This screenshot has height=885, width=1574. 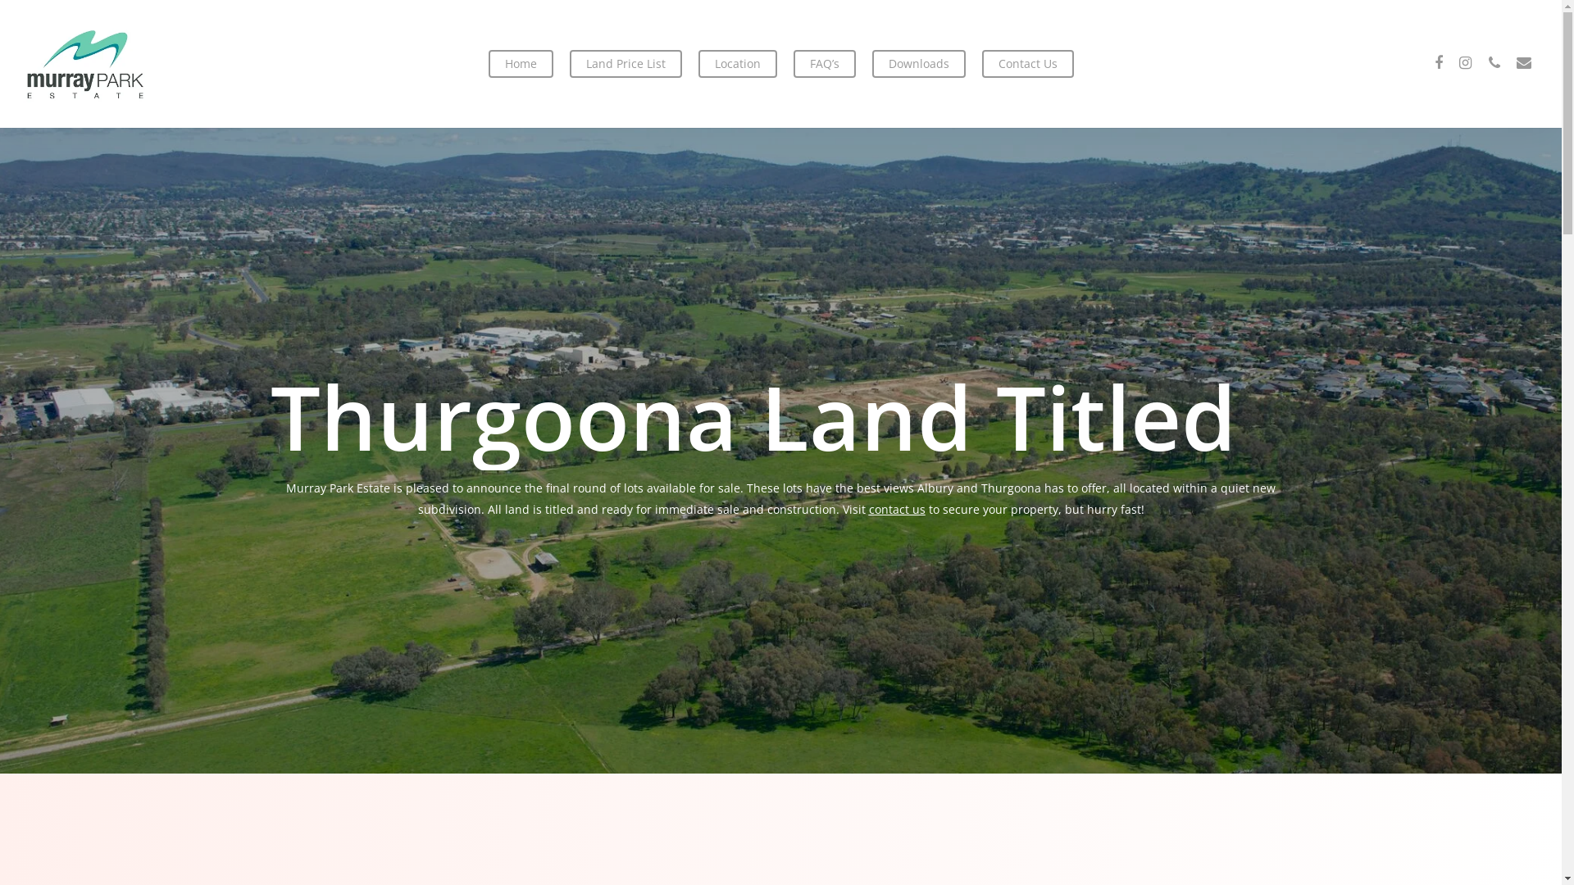 What do you see at coordinates (487, 62) in the screenshot?
I see `'Home'` at bounding box center [487, 62].